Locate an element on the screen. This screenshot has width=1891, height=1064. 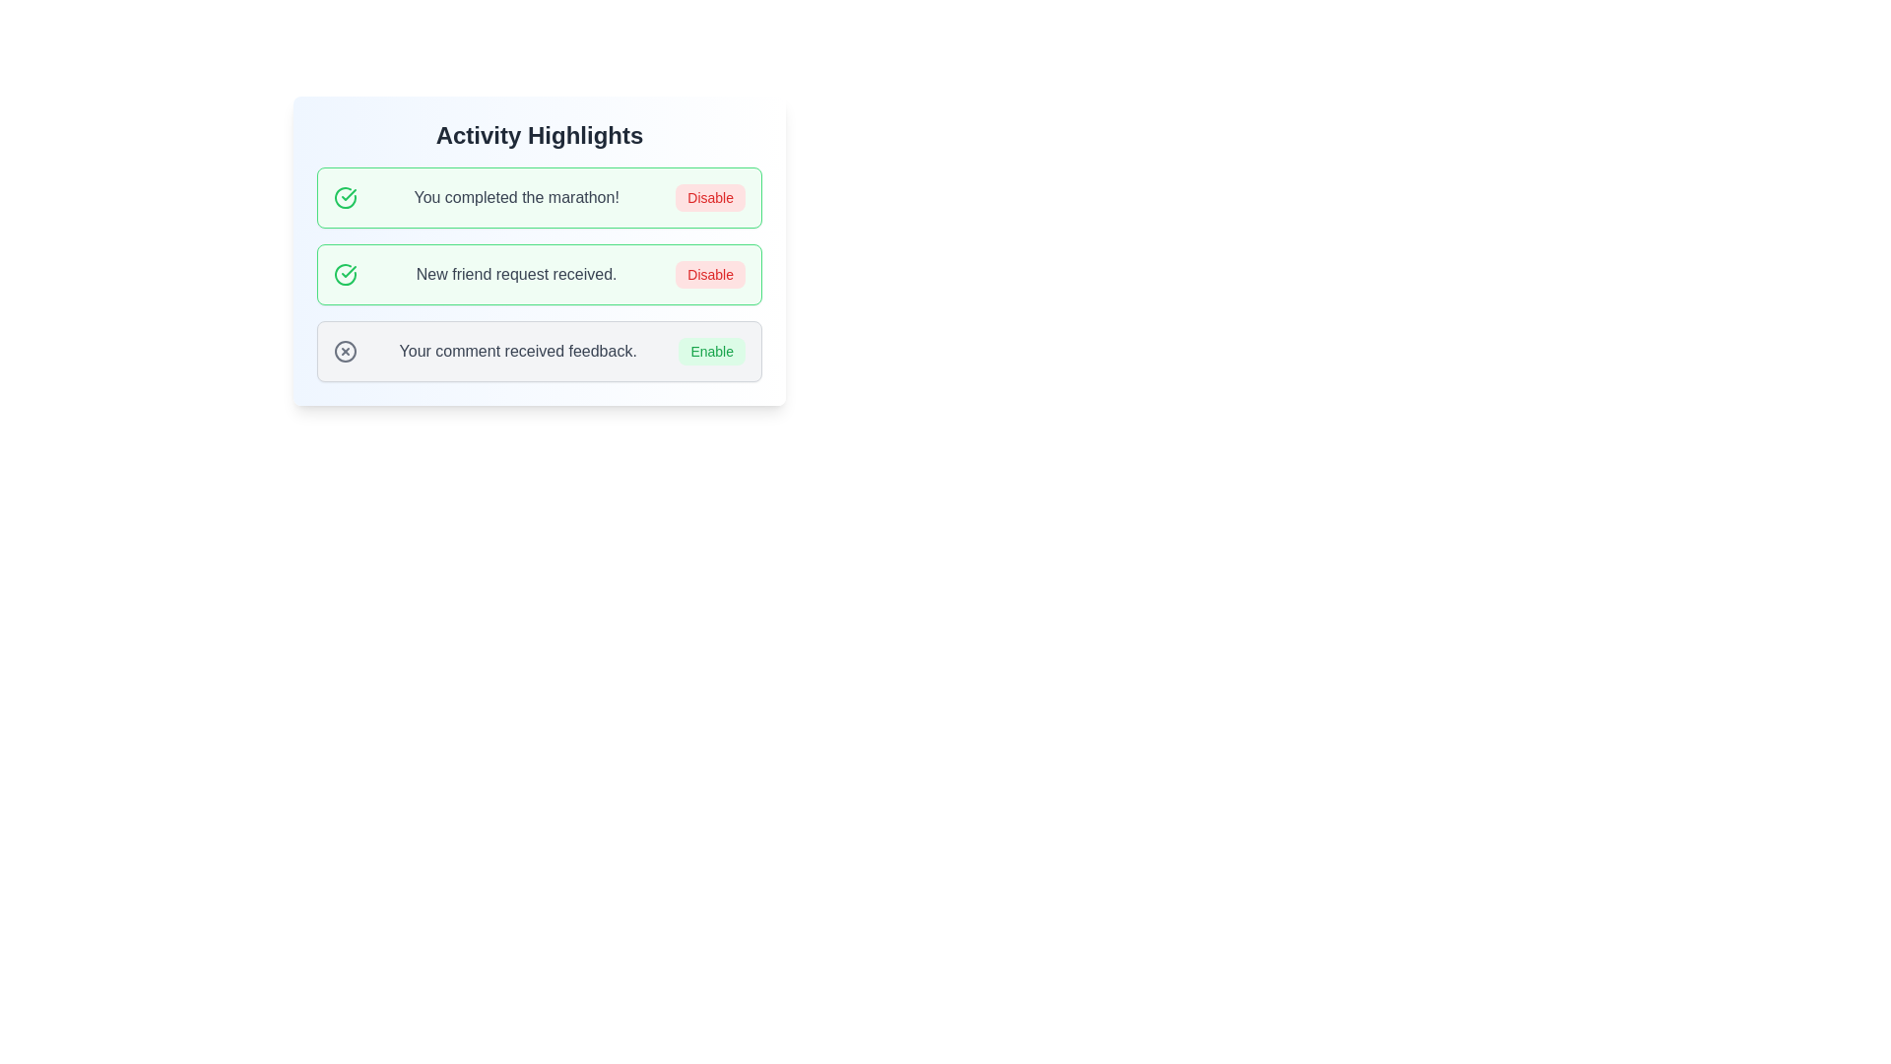
the static text label that displays 'You completed the marathon!' located in the top notification card of the interface is located at coordinates (516, 197).